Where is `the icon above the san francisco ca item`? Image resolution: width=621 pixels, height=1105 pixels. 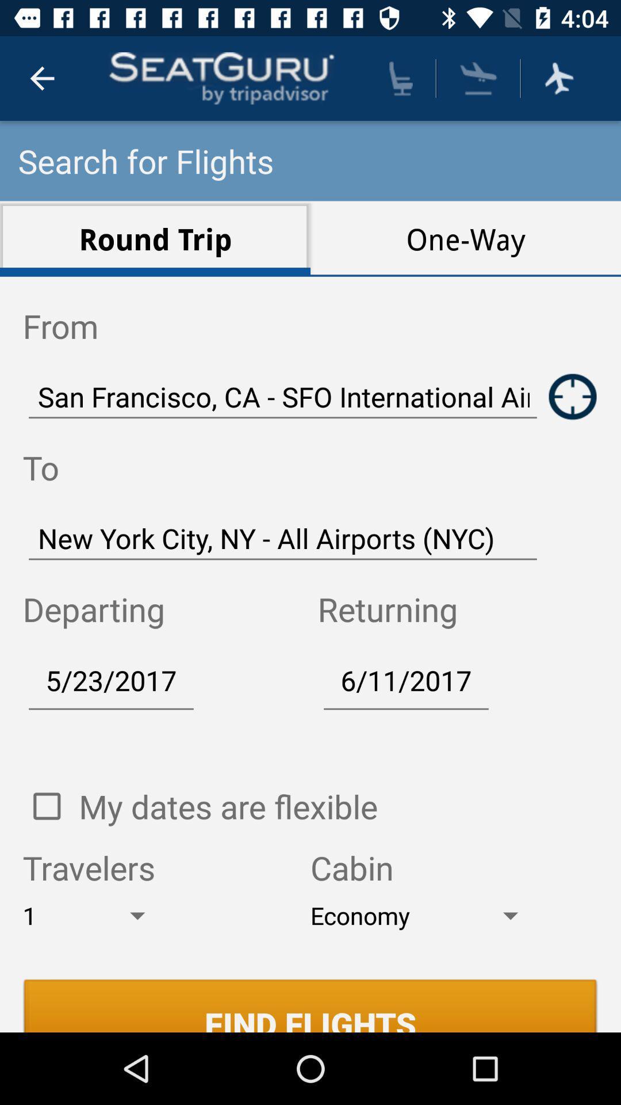
the icon above the san francisco ca item is located at coordinates (466, 238).